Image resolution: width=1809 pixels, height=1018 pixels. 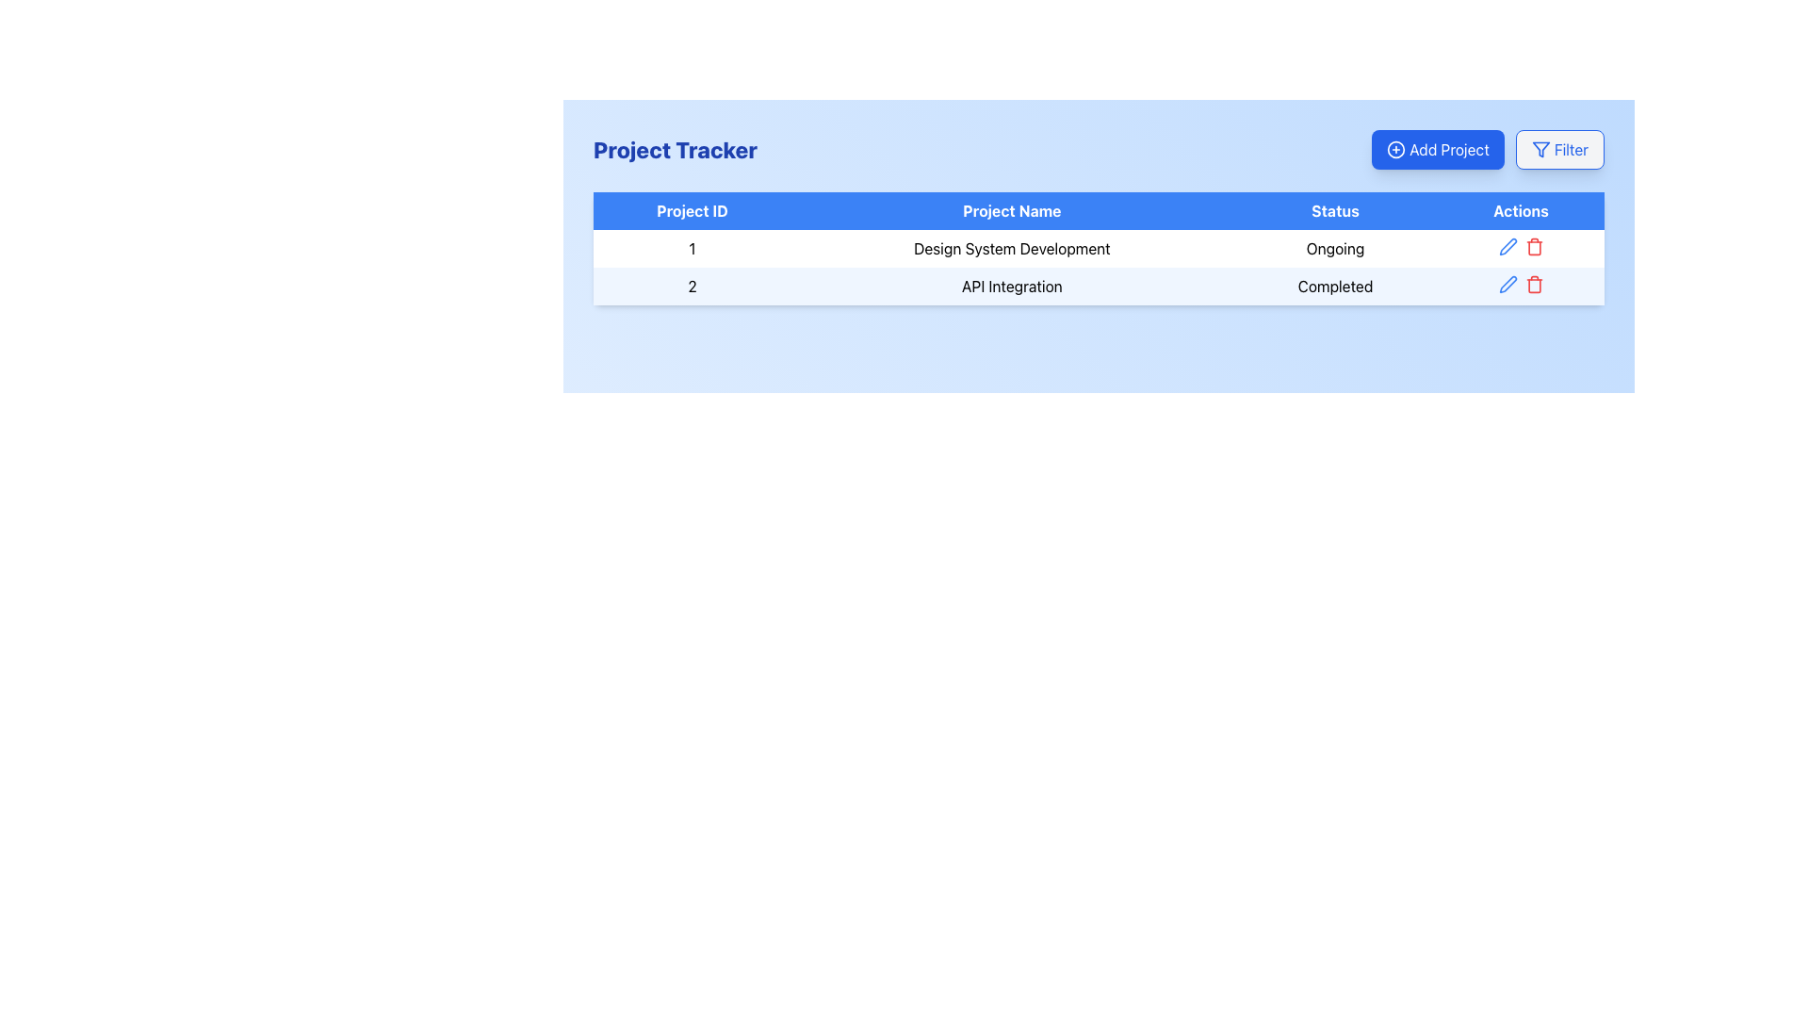 What do you see at coordinates (1334, 210) in the screenshot?
I see `the 'Status' text label in the table header, which is part of a blue rectangular background and displays the word 'Status' in white font` at bounding box center [1334, 210].